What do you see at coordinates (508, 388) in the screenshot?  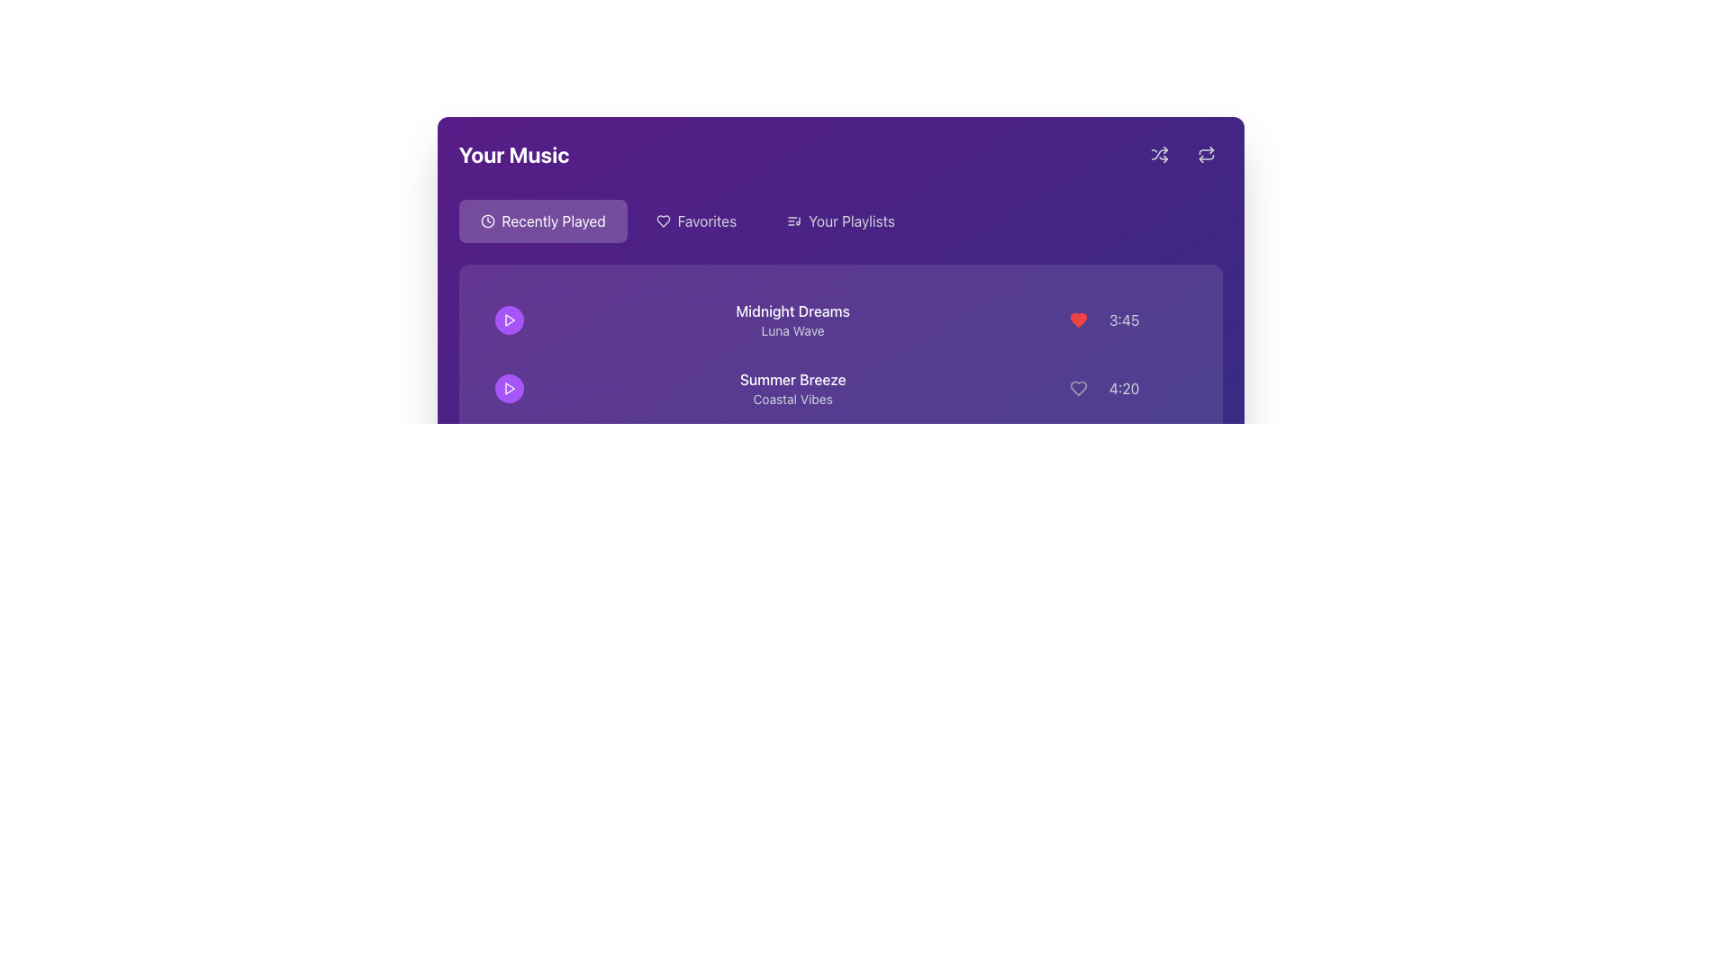 I see `the circular button with a purple background and a white play triangle icon, located in the row labeled 'Summer Breeze' featuring 'Coastal Vibes' and the duration '4:20', to observe the hover effect` at bounding box center [508, 388].